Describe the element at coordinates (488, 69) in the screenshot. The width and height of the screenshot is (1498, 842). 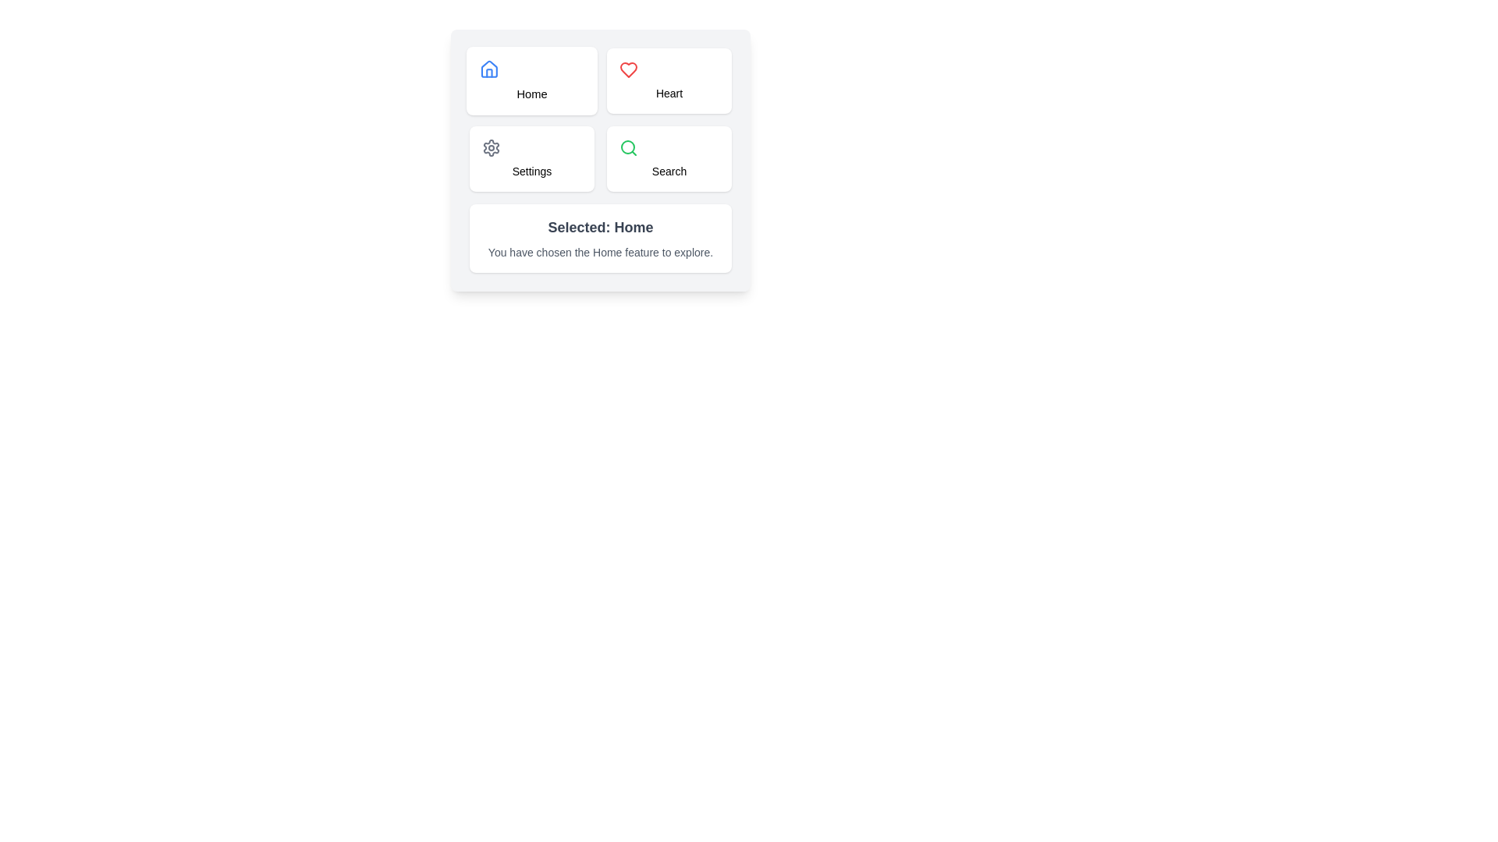
I see `the 'Home' button which features a blue house icon styled as a simple line drawing, located in the upper left corner of the button grid` at that location.